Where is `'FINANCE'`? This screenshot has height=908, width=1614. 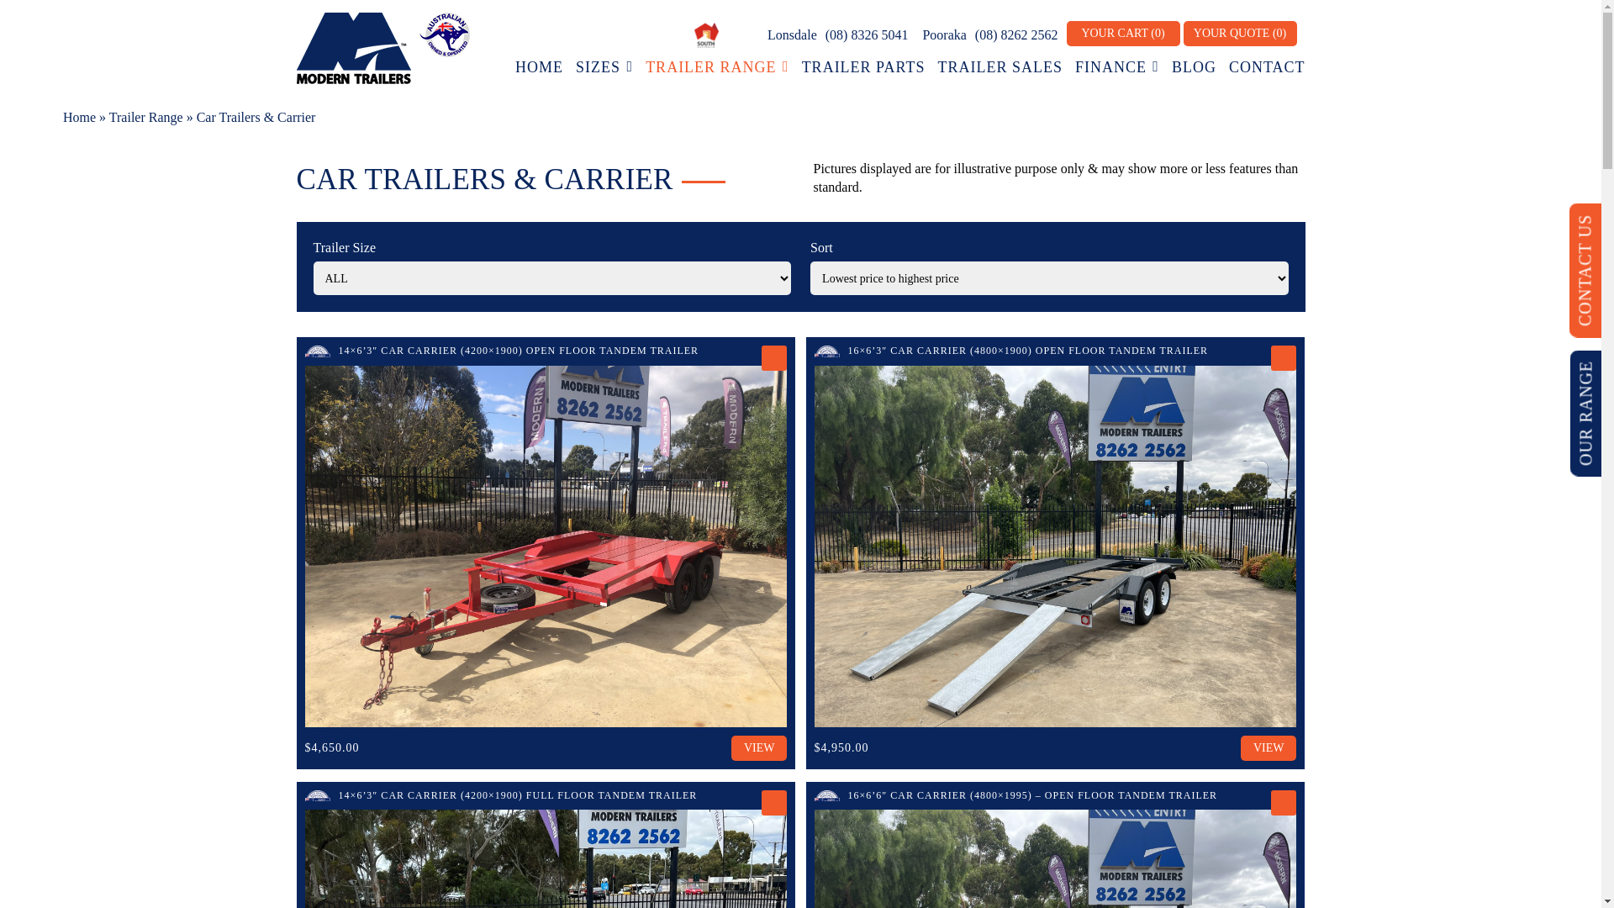
'FINANCE' is located at coordinates (1073, 66).